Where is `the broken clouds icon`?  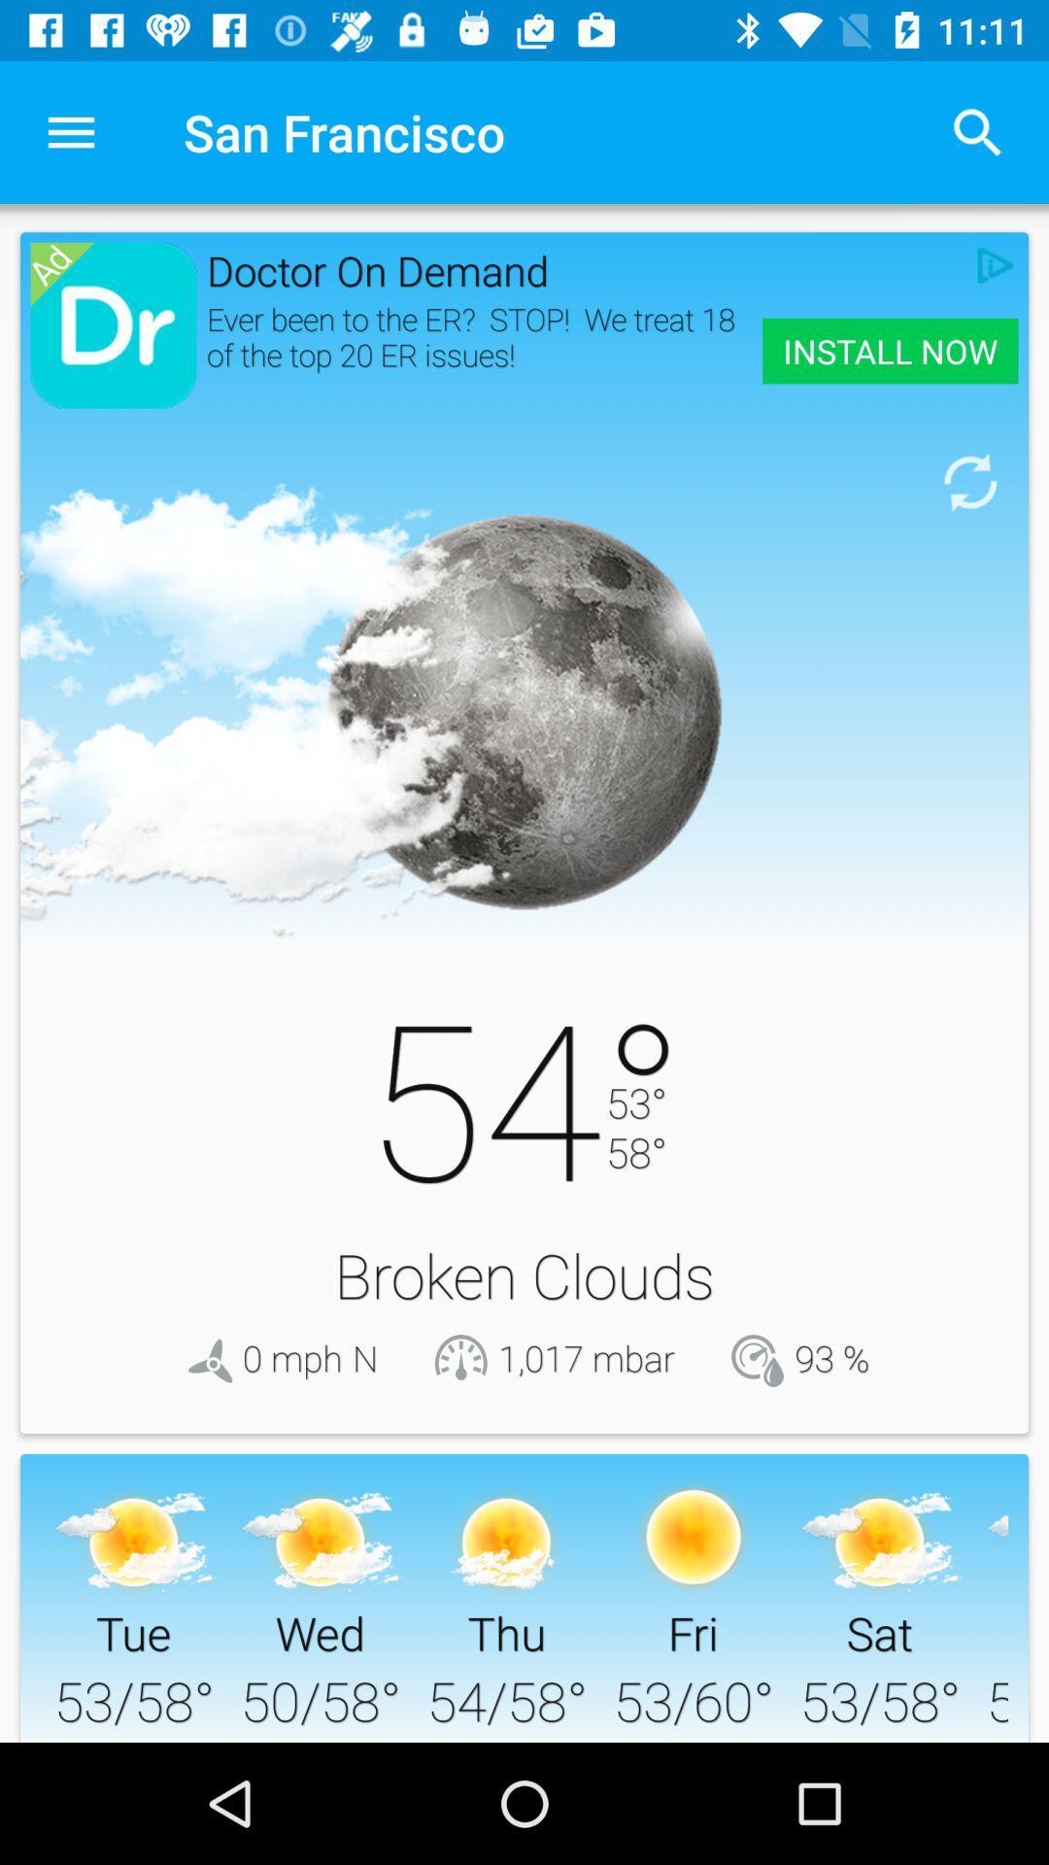
the broken clouds icon is located at coordinates (524, 1274).